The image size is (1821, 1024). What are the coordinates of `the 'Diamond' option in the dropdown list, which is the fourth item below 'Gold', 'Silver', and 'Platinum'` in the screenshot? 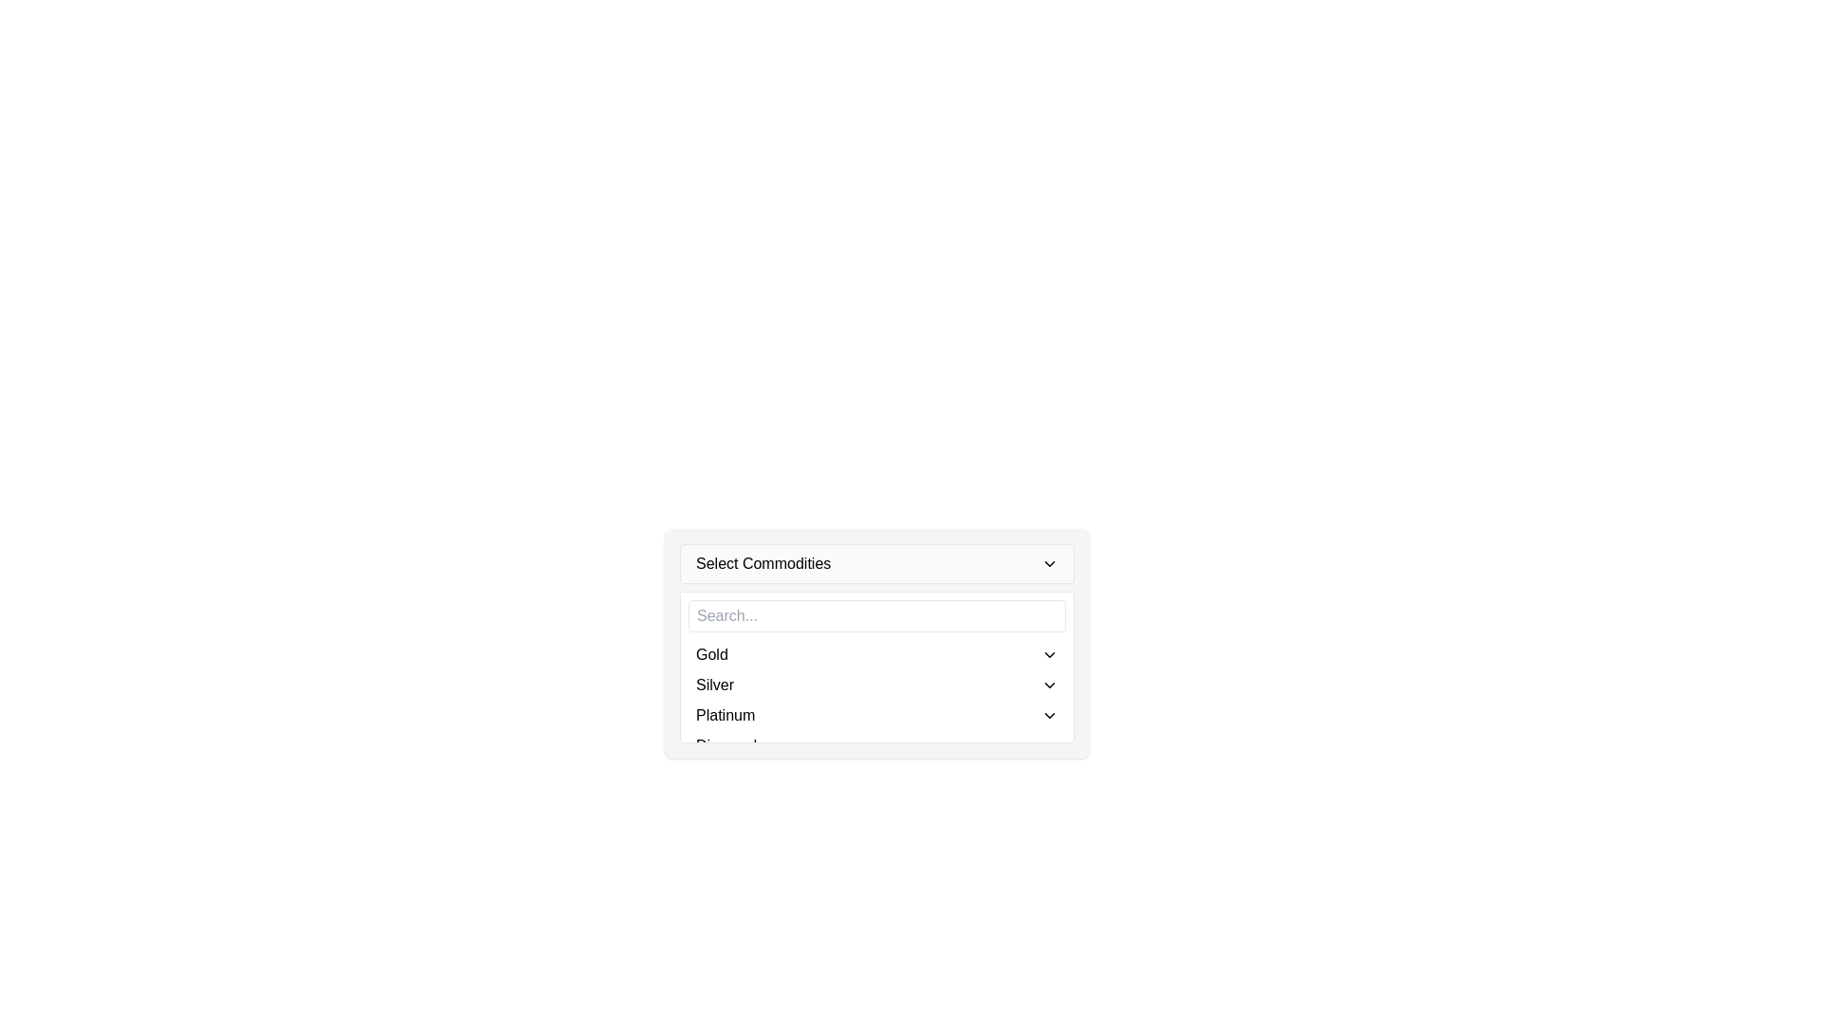 It's located at (876, 744).